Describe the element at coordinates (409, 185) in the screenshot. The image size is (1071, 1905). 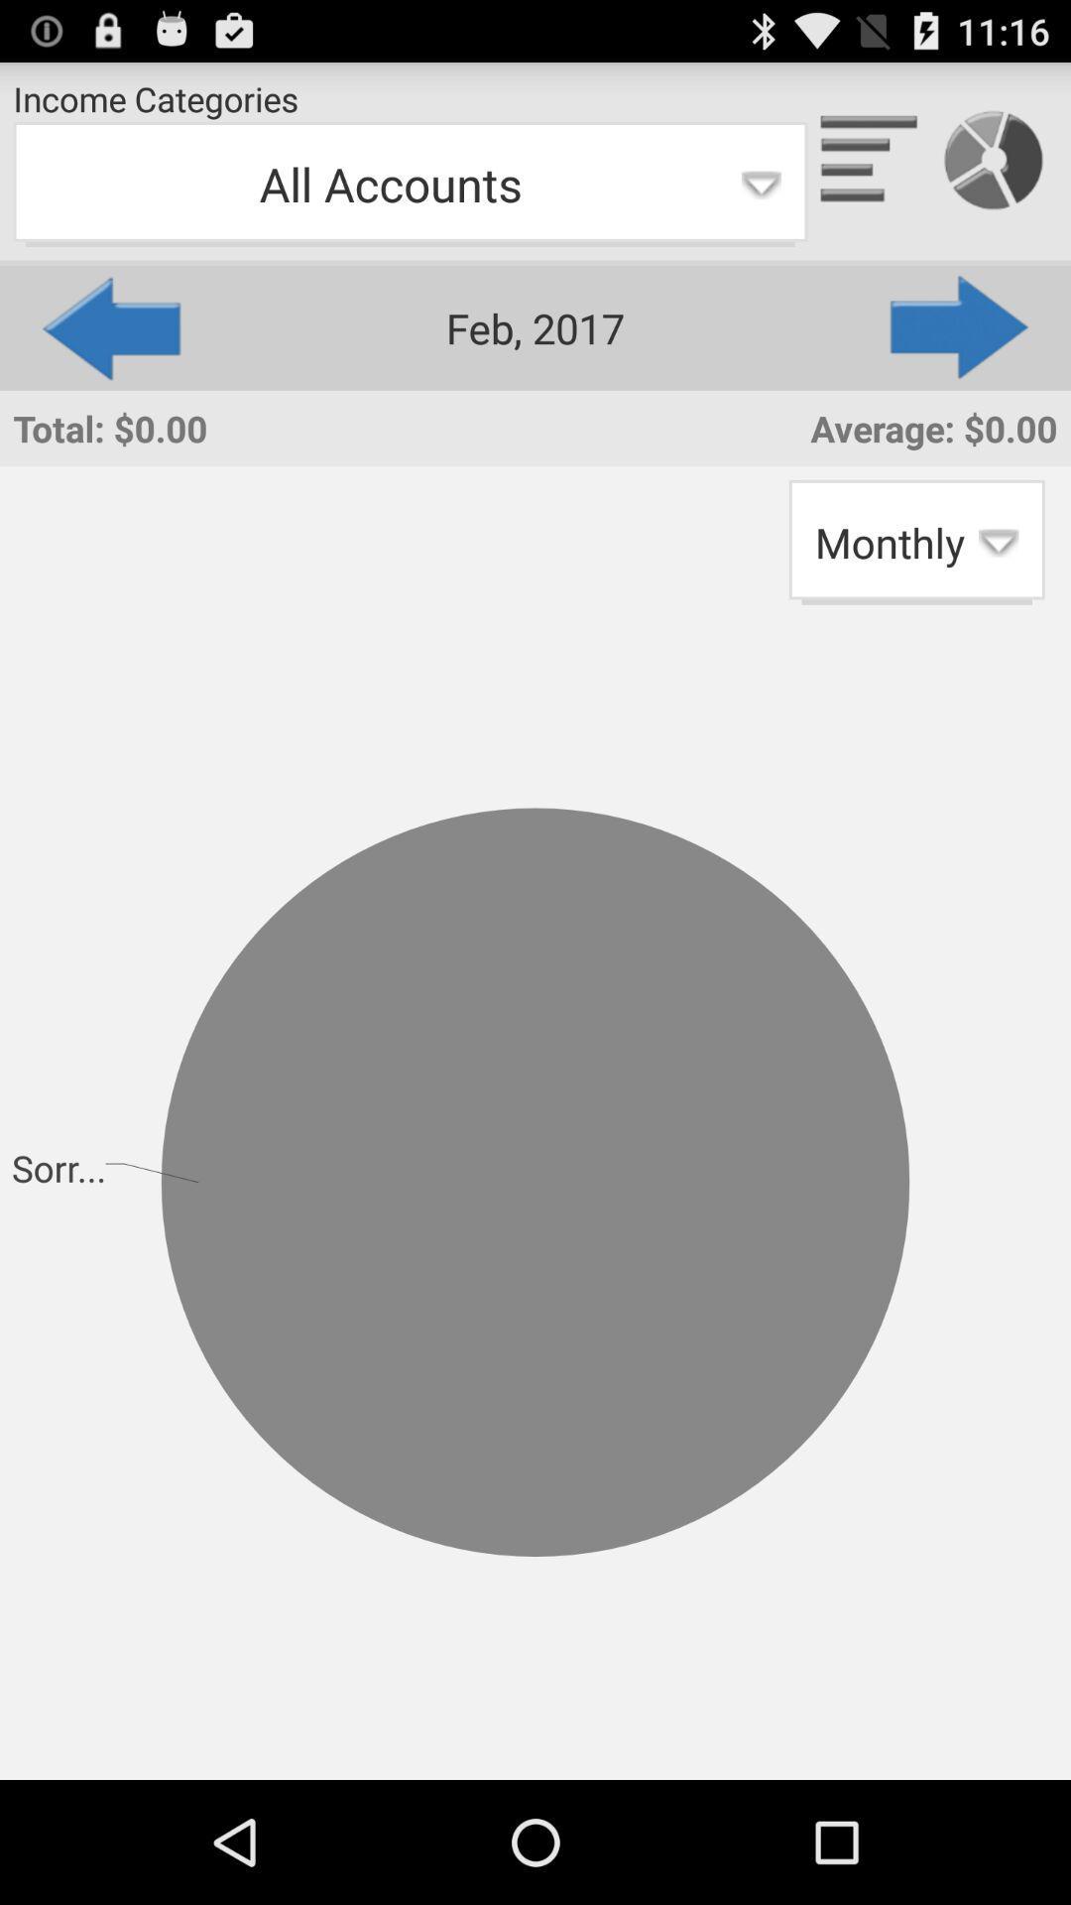
I see `app below income categories icon` at that location.